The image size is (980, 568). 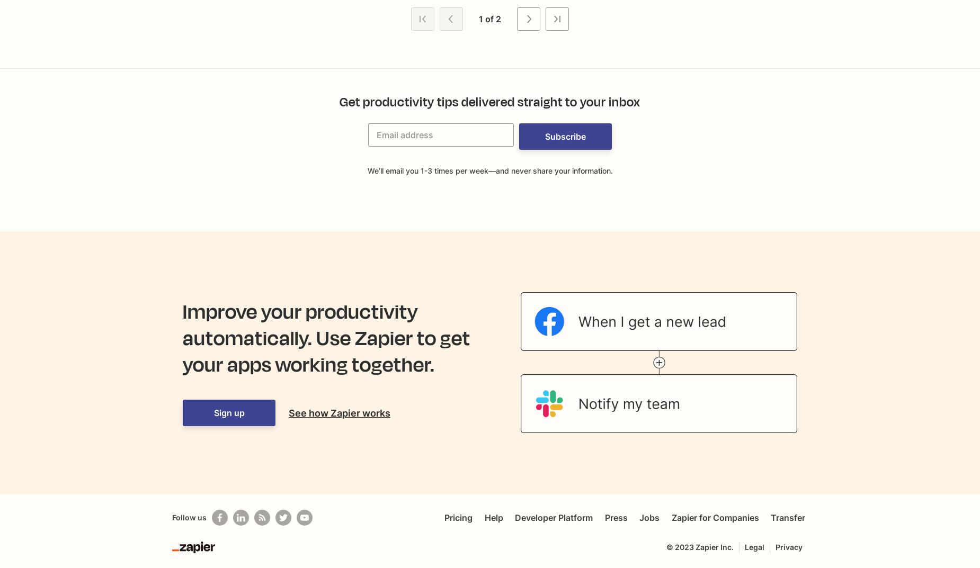 What do you see at coordinates (615, 517) in the screenshot?
I see `'Press'` at bounding box center [615, 517].